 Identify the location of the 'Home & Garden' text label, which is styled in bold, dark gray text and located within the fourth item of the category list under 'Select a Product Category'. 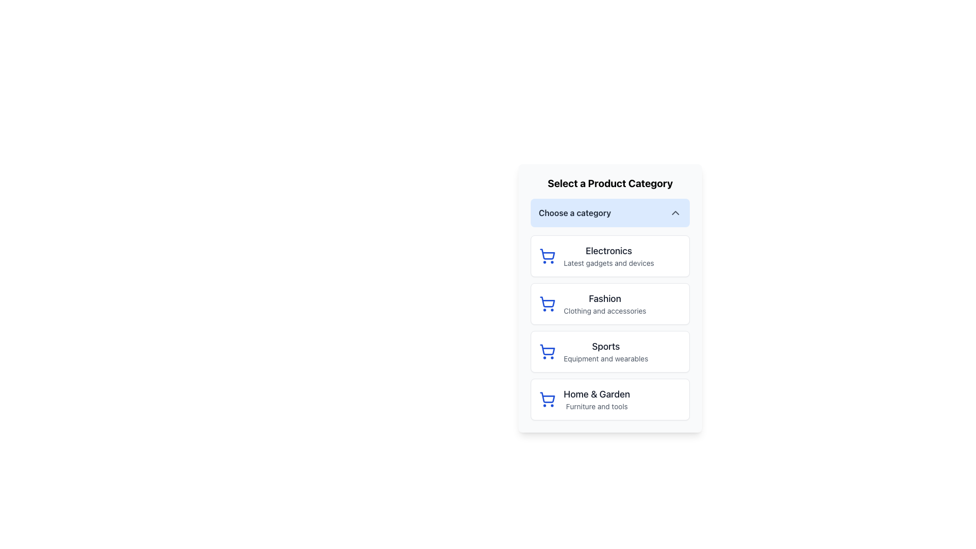
(597, 393).